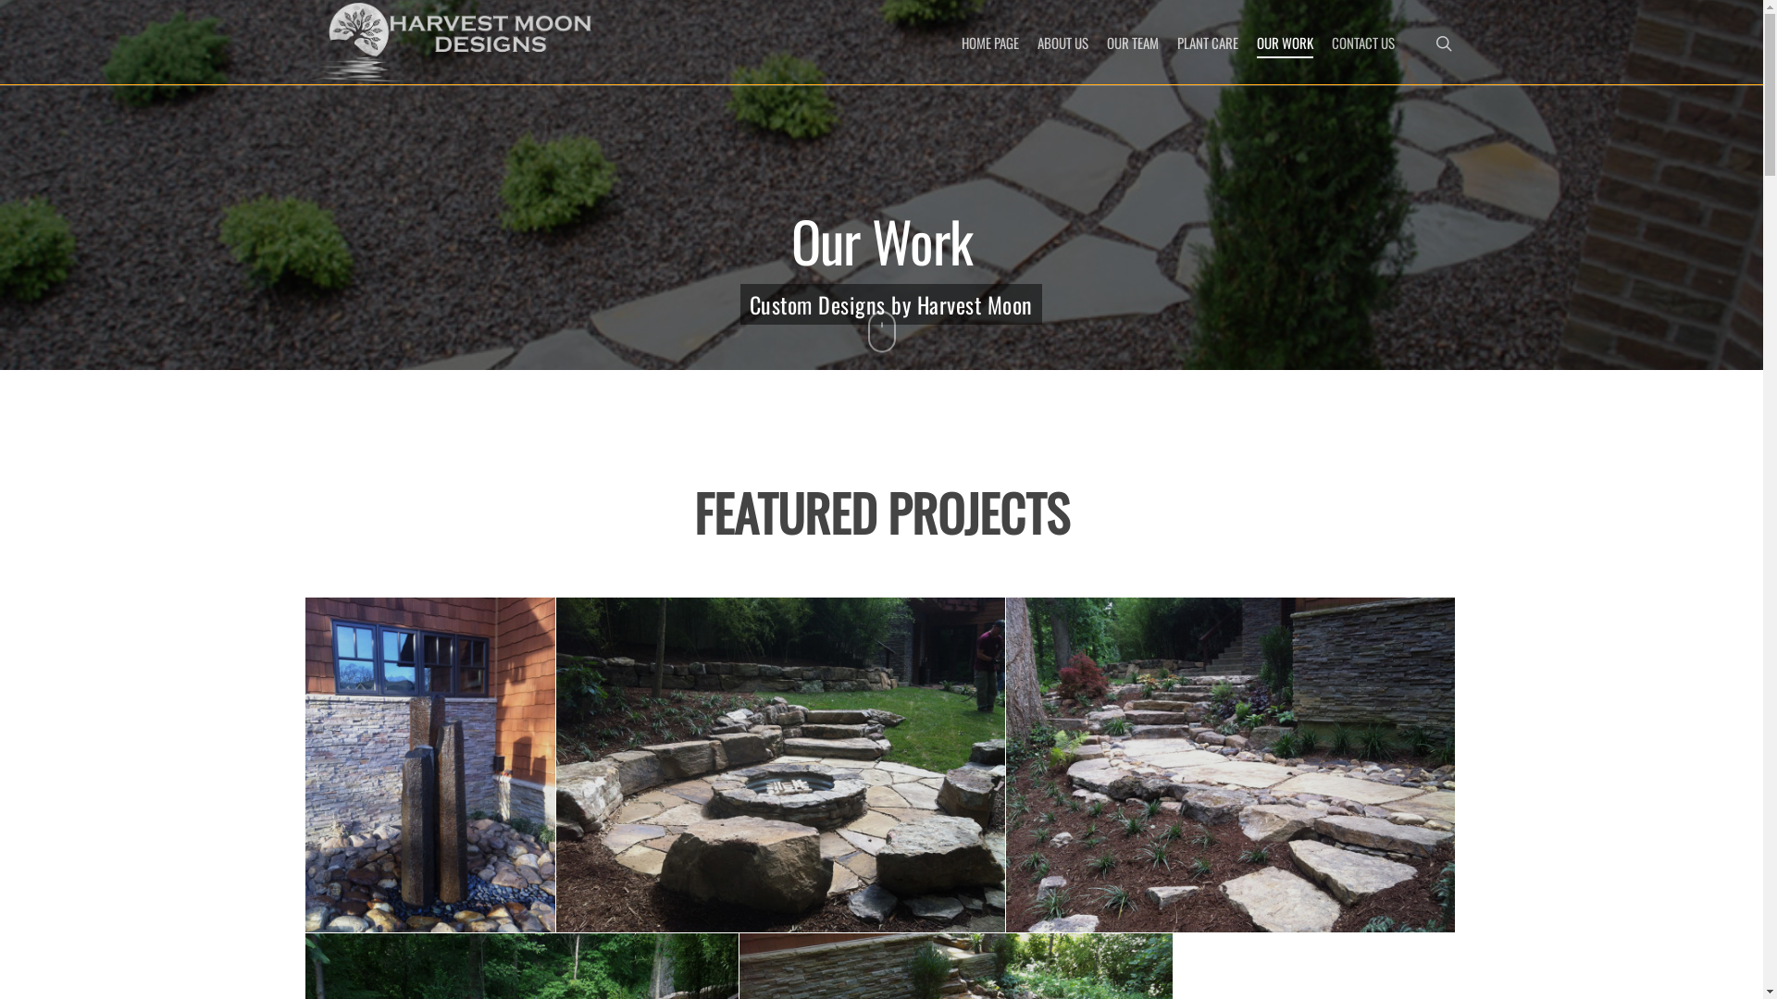 The height and width of the screenshot is (999, 1777). Describe the element at coordinates (1132, 42) in the screenshot. I see `'OUR TEAM'` at that location.